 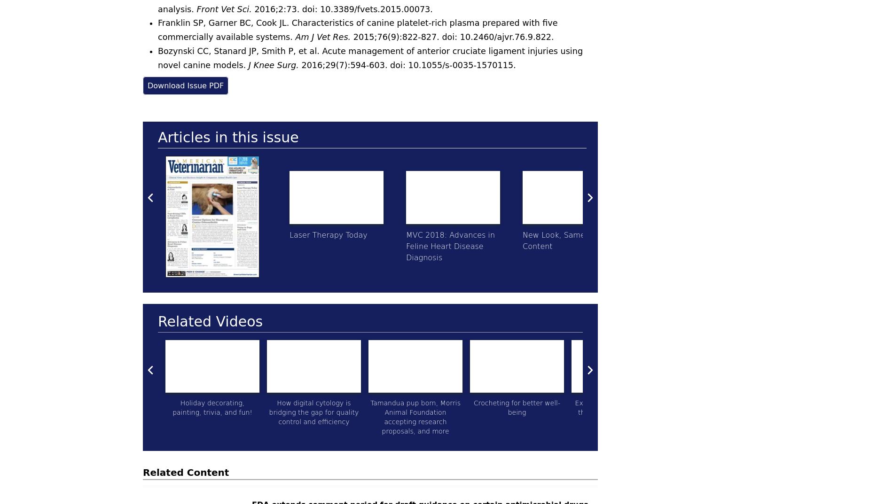 What do you see at coordinates (210, 321) in the screenshot?
I see `'Related Videos'` at bounding box center [210, 321].